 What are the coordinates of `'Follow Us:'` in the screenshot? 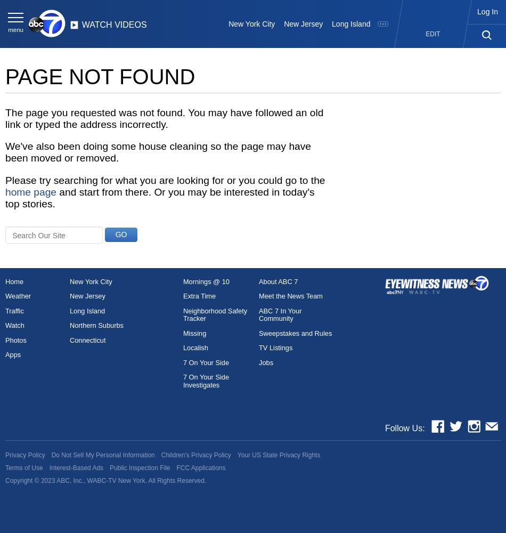 It's located at (404, 428).